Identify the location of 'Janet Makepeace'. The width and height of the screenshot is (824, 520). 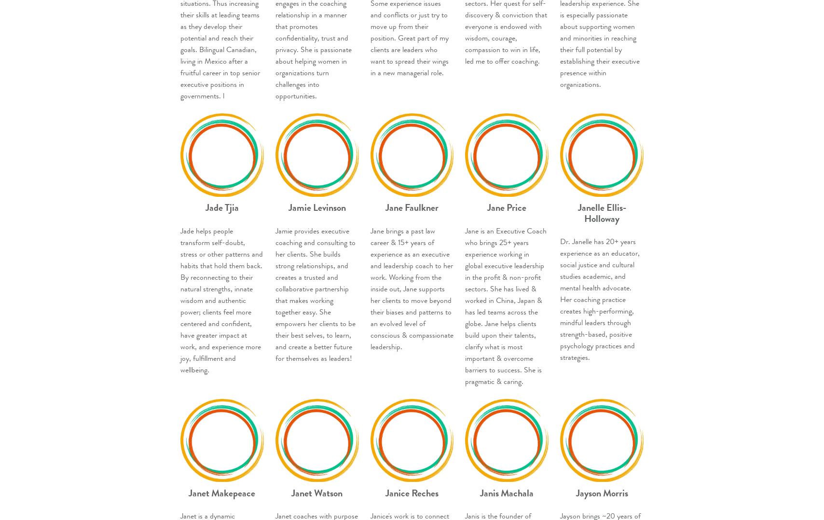
(188, 492).